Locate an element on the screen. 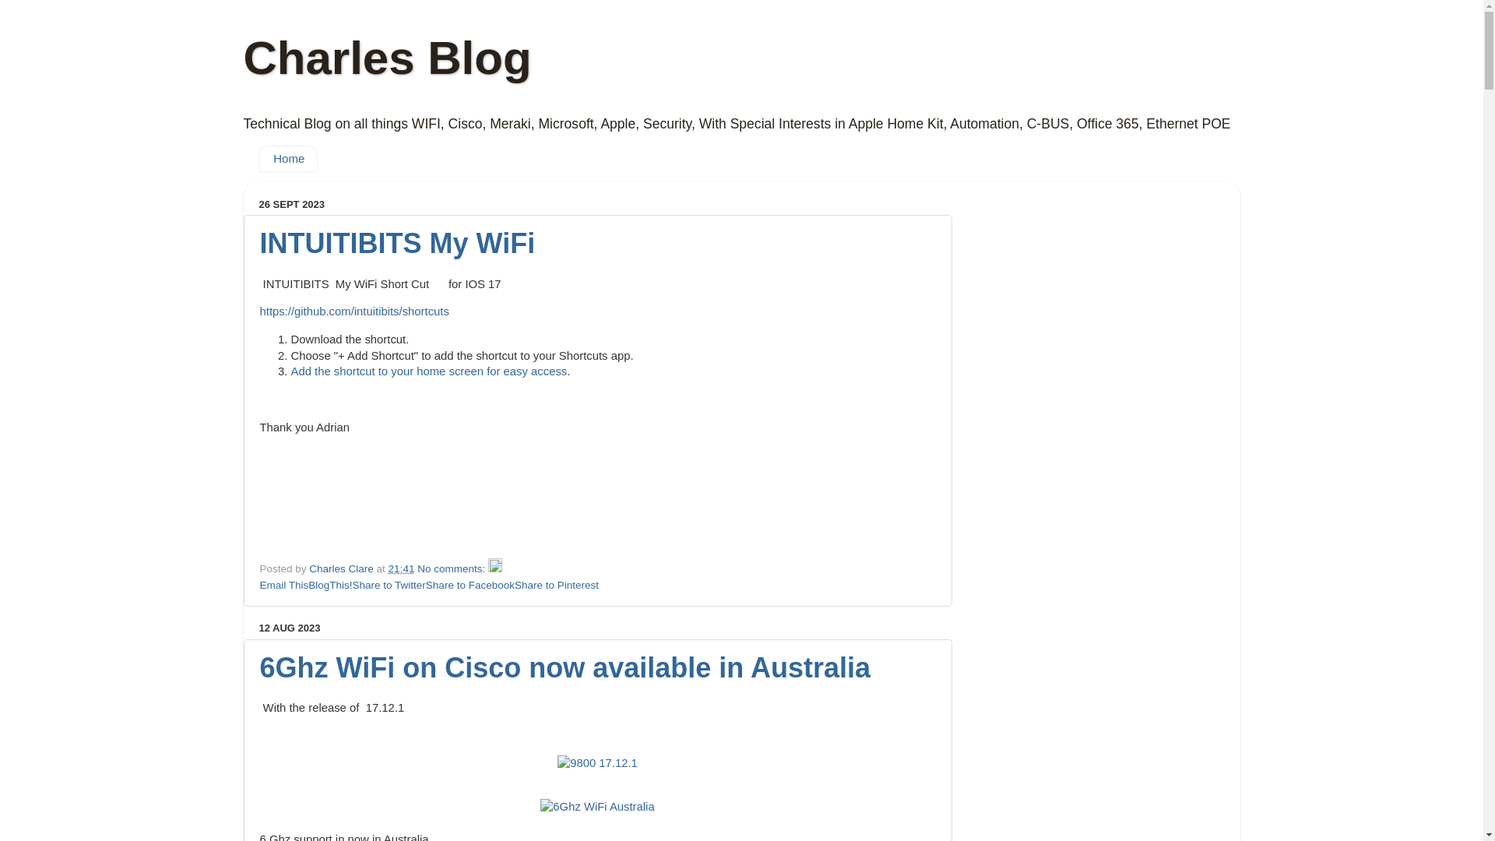 This screenshot has width=1495, height=841. 'Email This' is located at coordinates (284, 585).